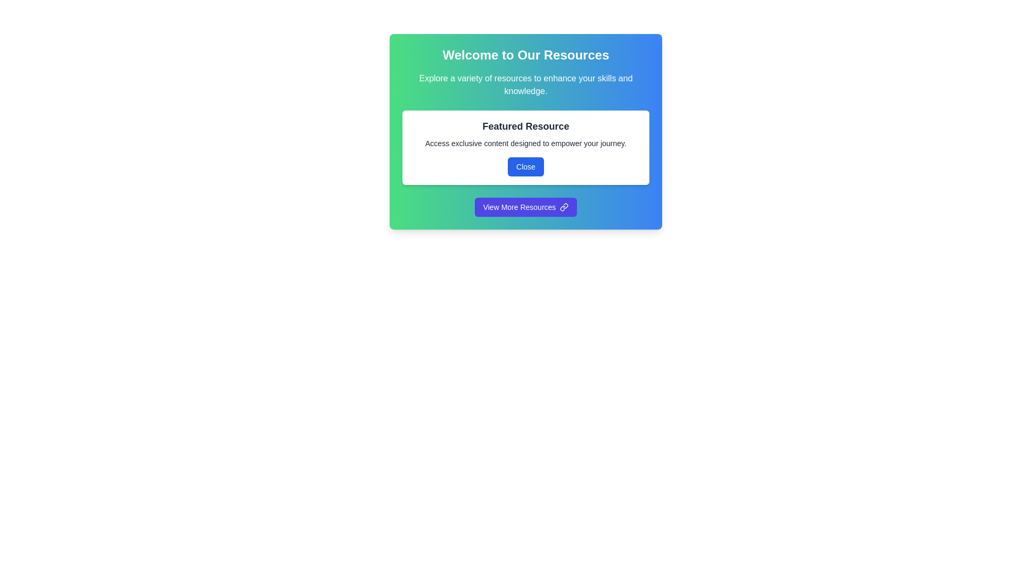 This screenshot has height=574, width=1022. Describe the element at coordinates (526, 166) in the screenshot. I see `the 'Close' button, which has a rounded rectangular shape with a blue background and white text` at that location.